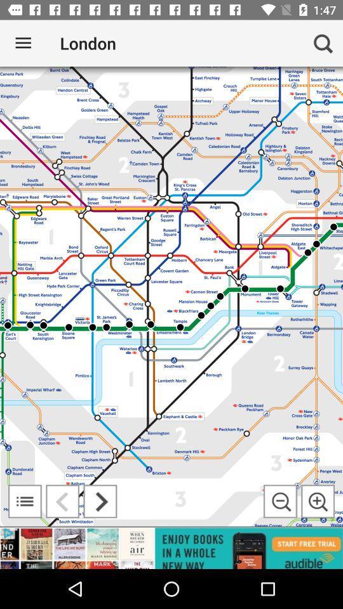 The height and width of the screenshot is (609, 343). I want to click on menu, so click(25, 501).